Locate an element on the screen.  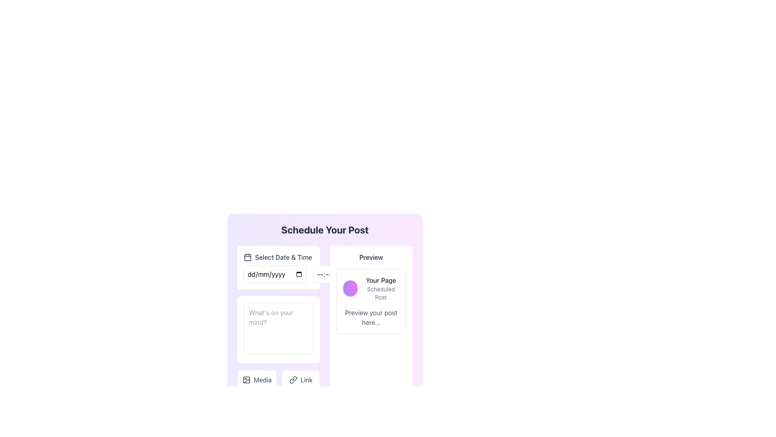
the interactive calendar icon located to the left of the 'Select Date & Time' label by moving the cursor to its center point is located at coordinates (247, 257).